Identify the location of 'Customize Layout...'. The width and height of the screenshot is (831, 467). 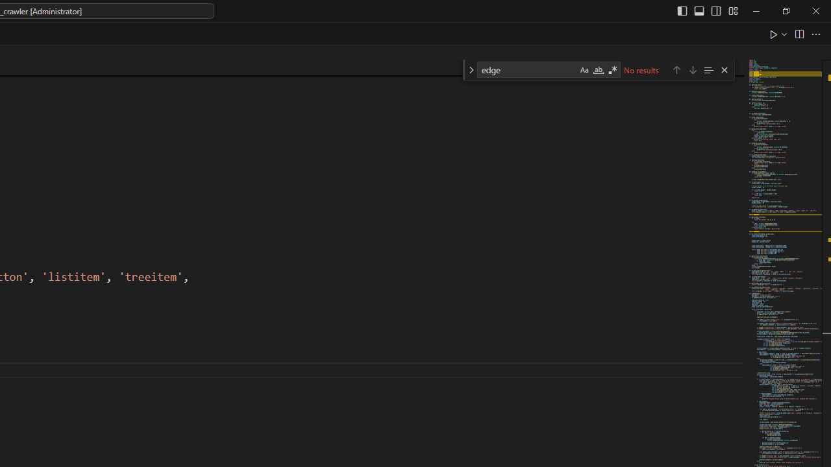
(732, 10).